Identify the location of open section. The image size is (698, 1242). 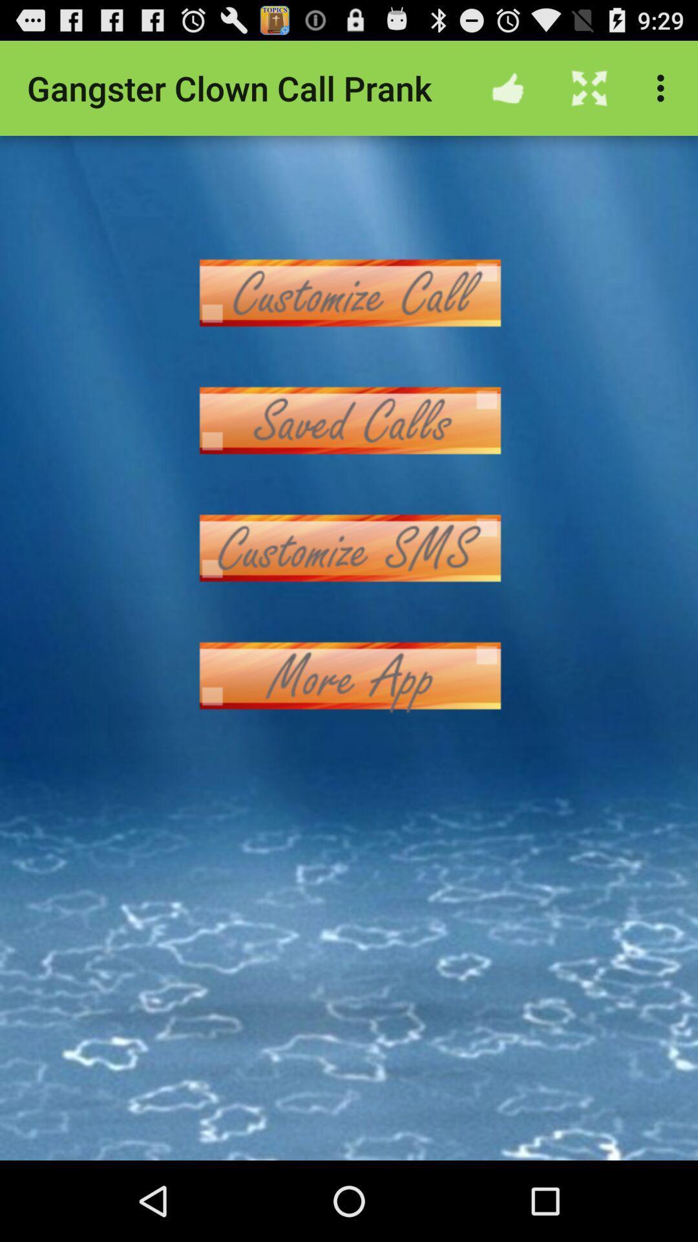
(349, 548).